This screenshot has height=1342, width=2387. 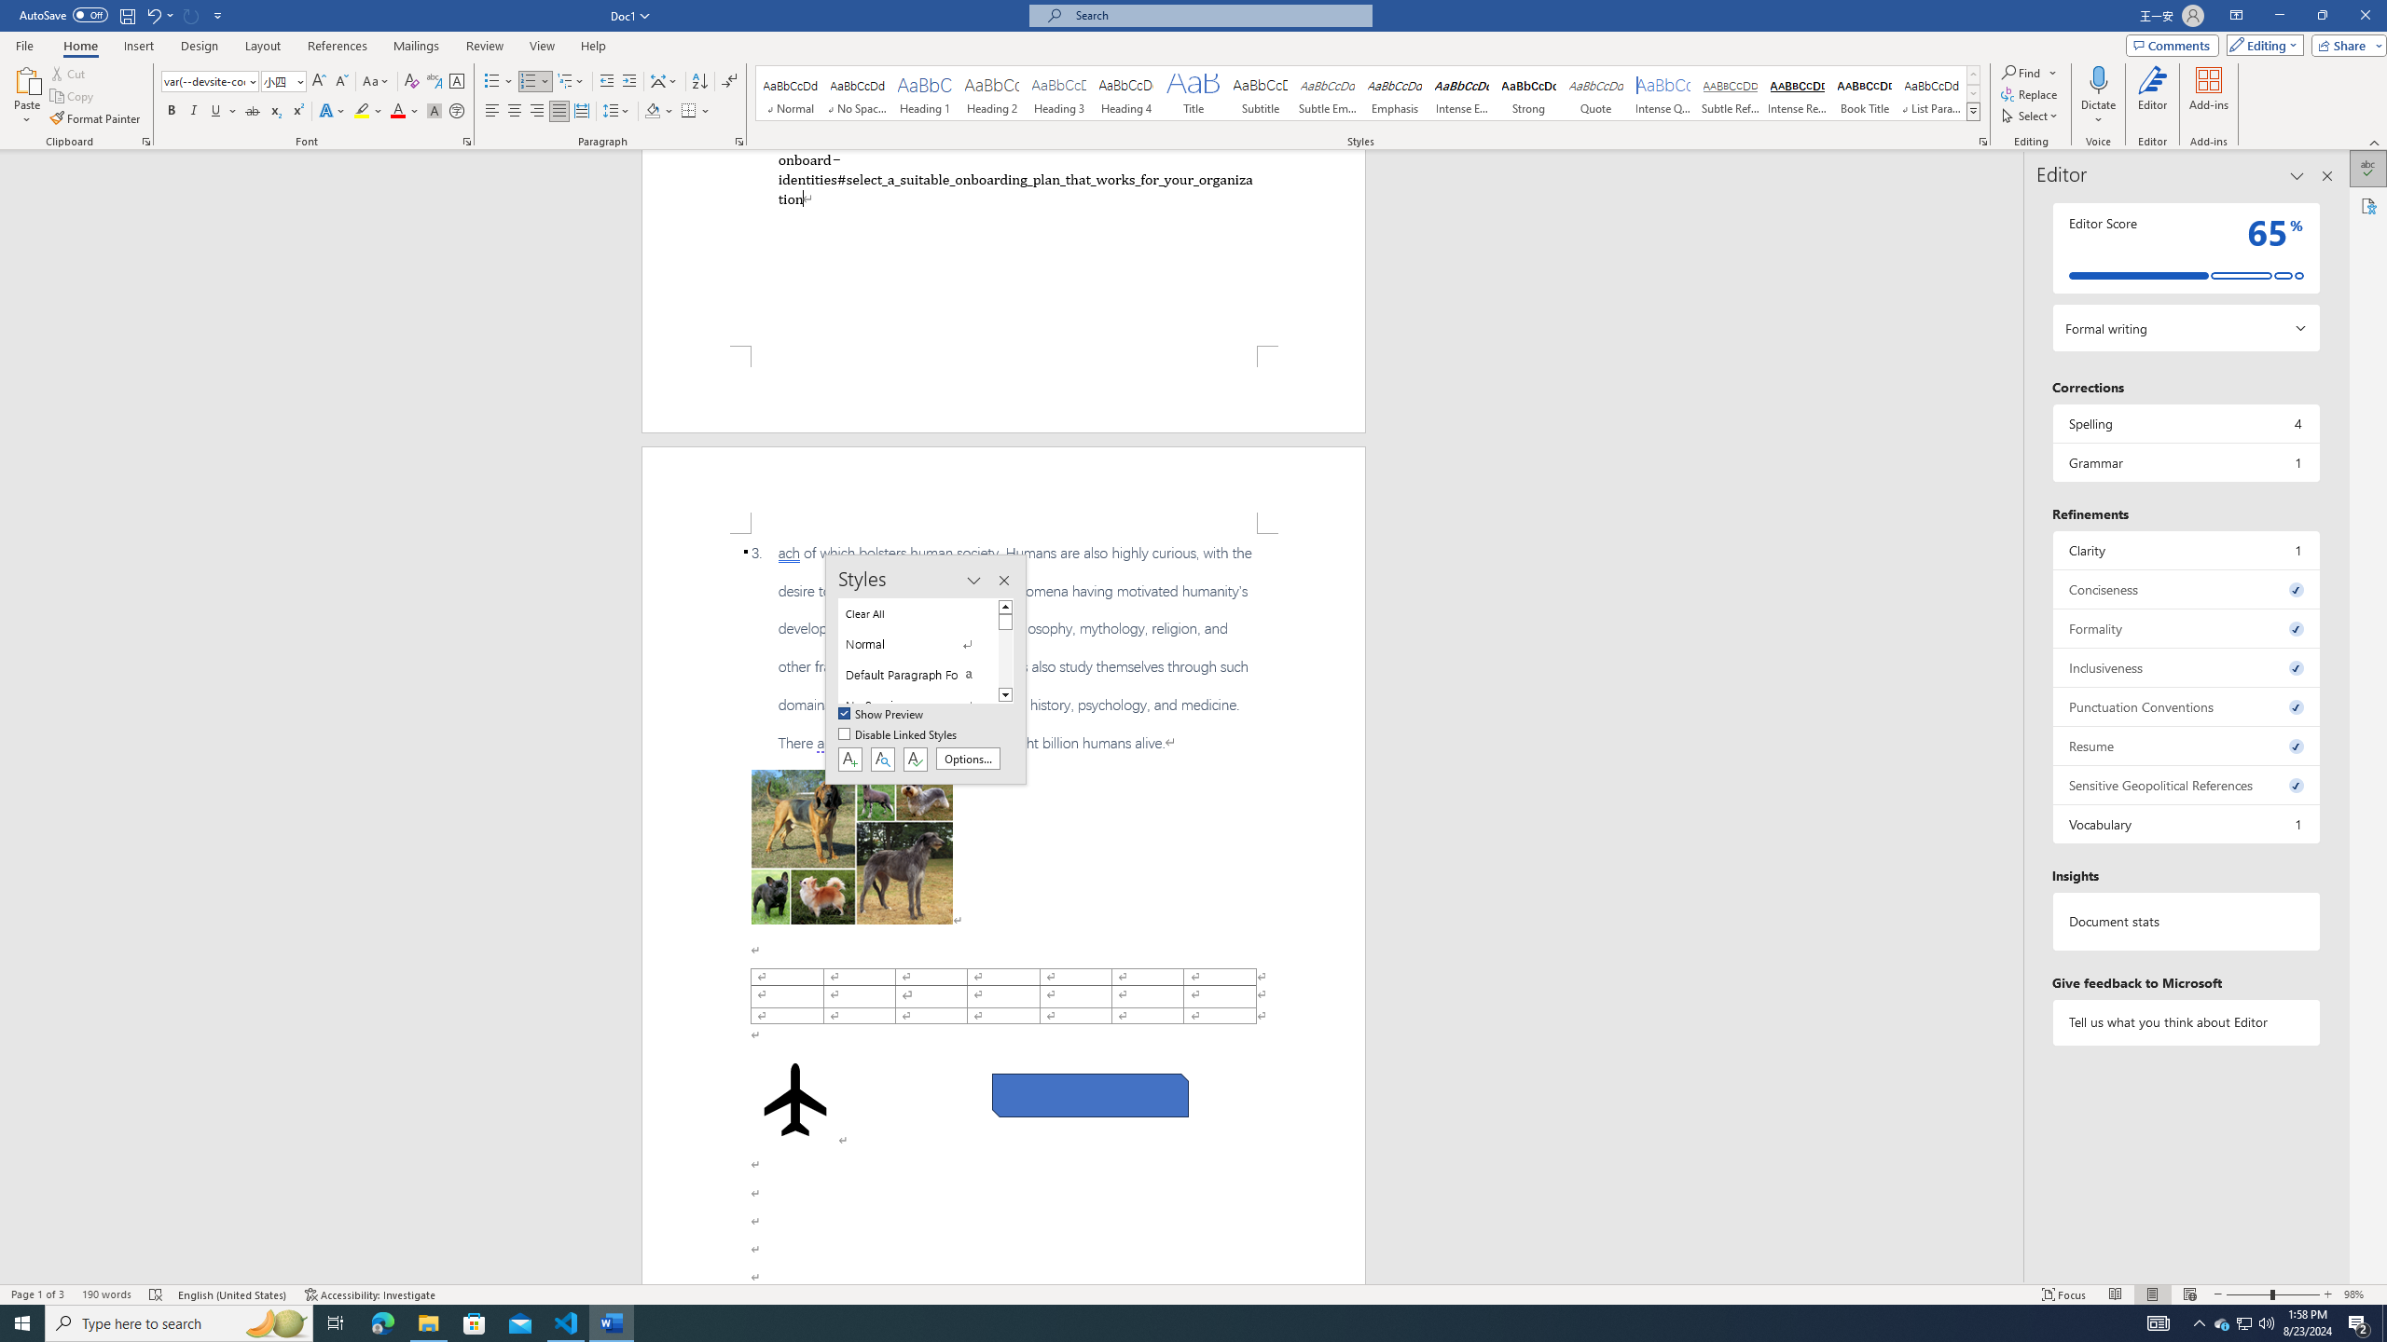 I want to click on 'Font...', so click(x=467, y=140).